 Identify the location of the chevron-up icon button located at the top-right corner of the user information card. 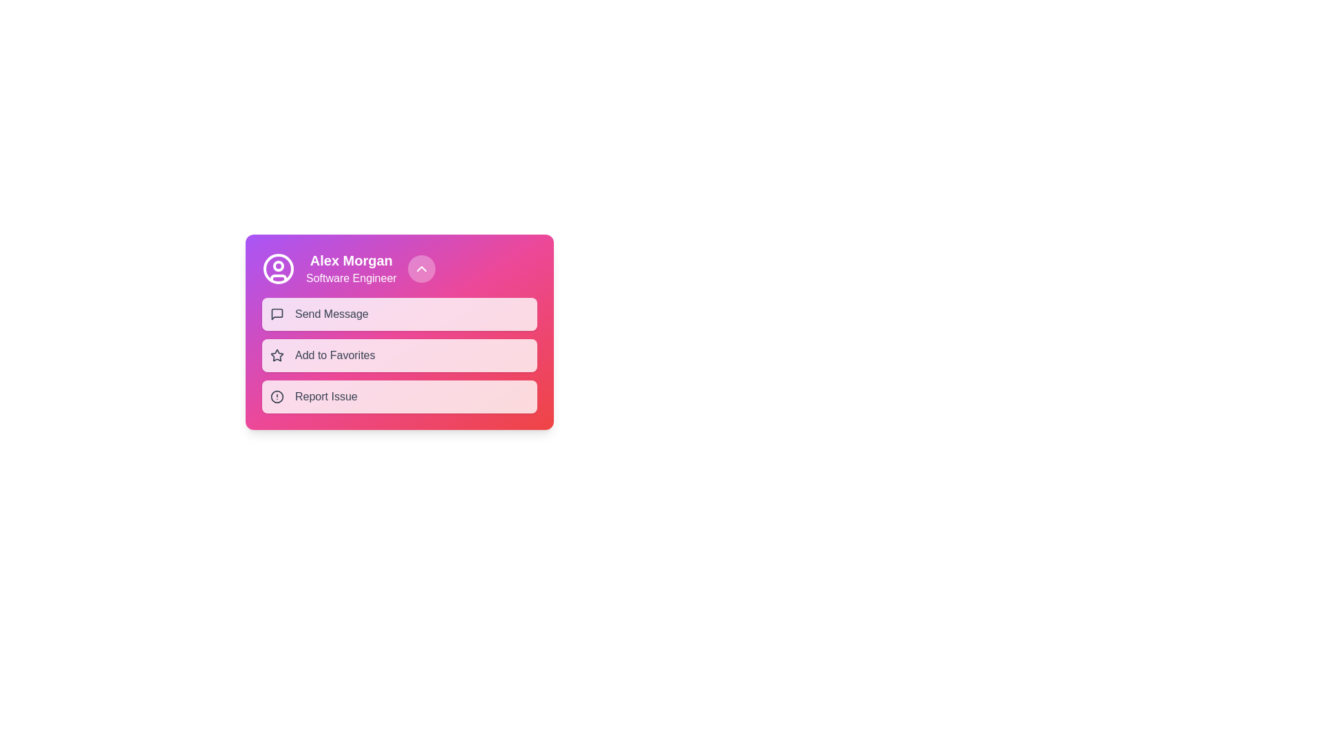
(420, 268).